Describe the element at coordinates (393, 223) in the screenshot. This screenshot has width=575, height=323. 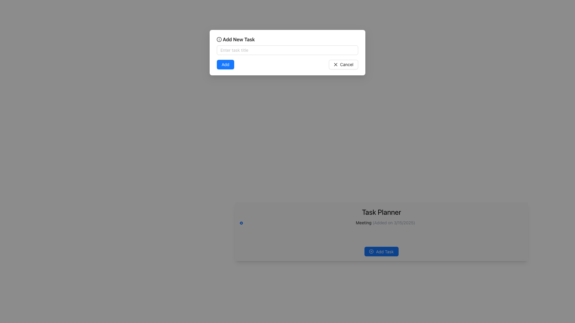
I see `the static information text displaying '(Added on 3/15/2025)' located below the 'Task Planner' heading` at that location.